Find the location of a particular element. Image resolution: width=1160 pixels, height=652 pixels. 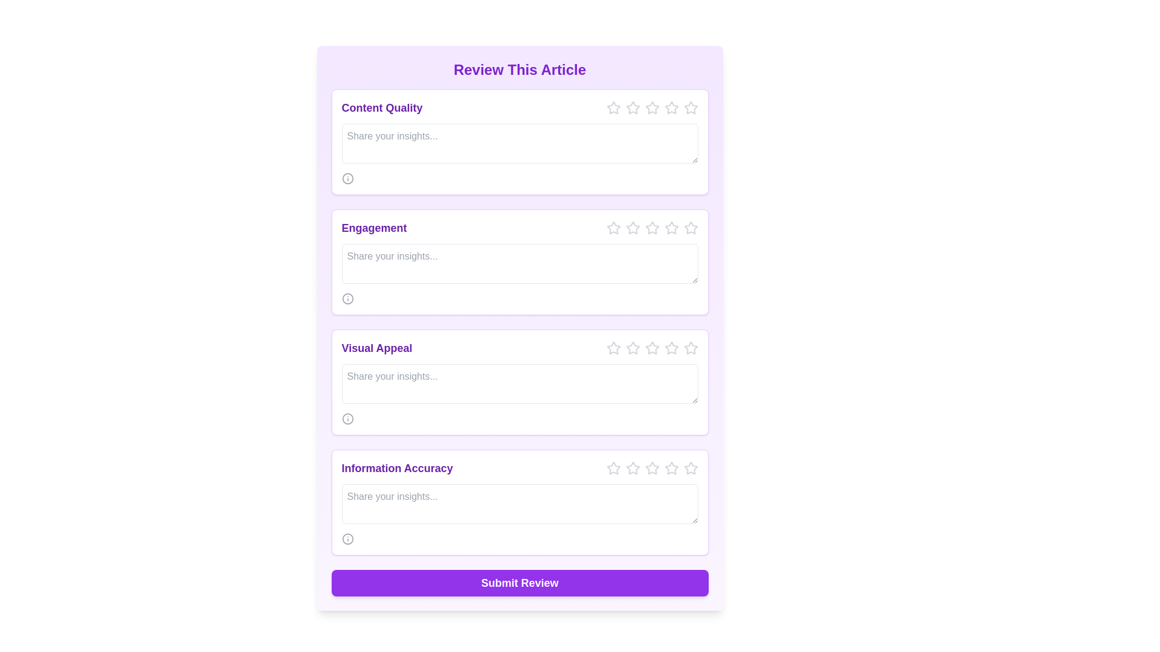

the fourth star icon in the Visual Appeal section is located at coordinates (651, 348).